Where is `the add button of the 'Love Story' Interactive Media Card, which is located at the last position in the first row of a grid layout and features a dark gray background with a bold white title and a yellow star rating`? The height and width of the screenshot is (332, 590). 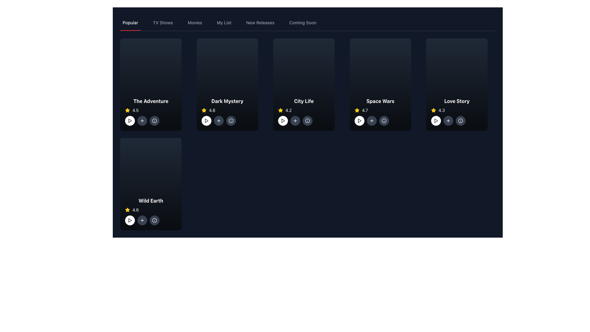
the add button of the 'Love Story' Interactive Media Card, which is located at the last position in the first row of a grid layout and features a dark gray background with a bold white title and a yellow star rating is located at coordinates (457, 84).